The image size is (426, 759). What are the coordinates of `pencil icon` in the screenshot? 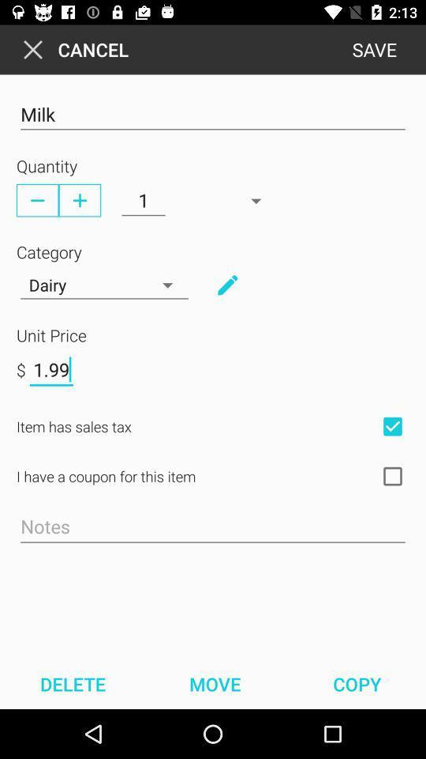 It's located at (226, 285).